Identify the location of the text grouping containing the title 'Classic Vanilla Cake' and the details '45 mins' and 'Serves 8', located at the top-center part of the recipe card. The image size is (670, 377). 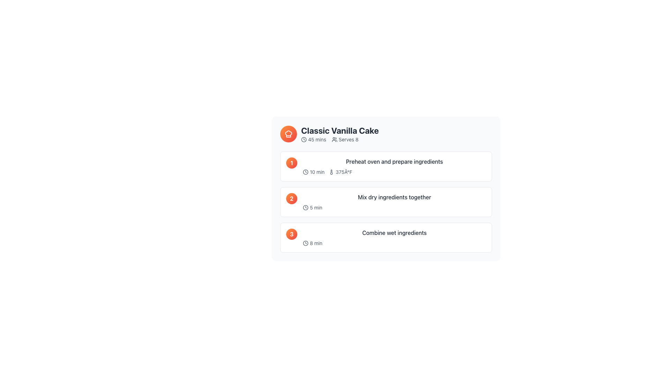
(340, 134).